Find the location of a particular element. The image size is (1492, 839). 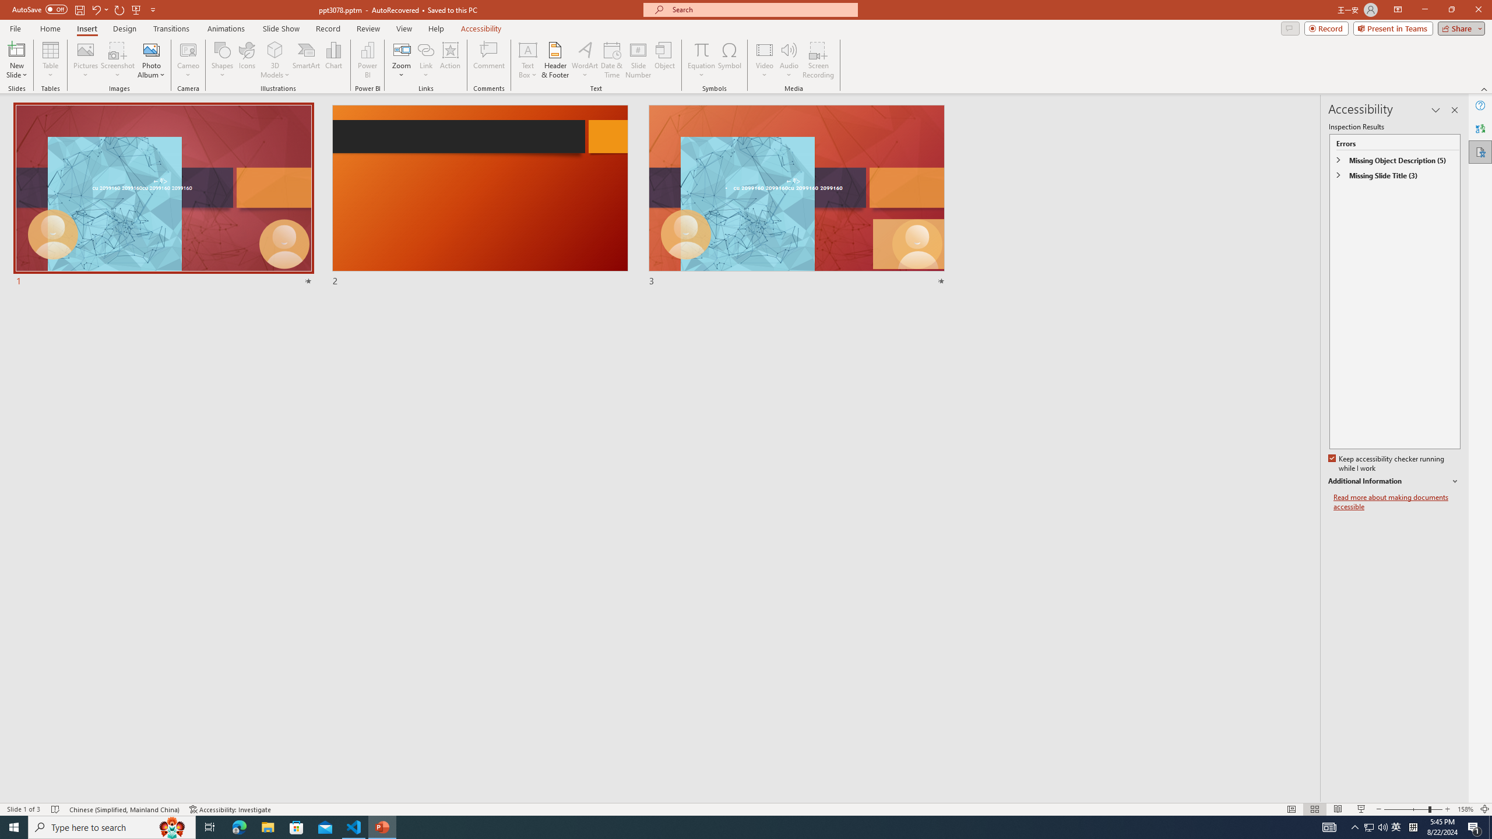

'Equation' is located at coordinates (701, 49).